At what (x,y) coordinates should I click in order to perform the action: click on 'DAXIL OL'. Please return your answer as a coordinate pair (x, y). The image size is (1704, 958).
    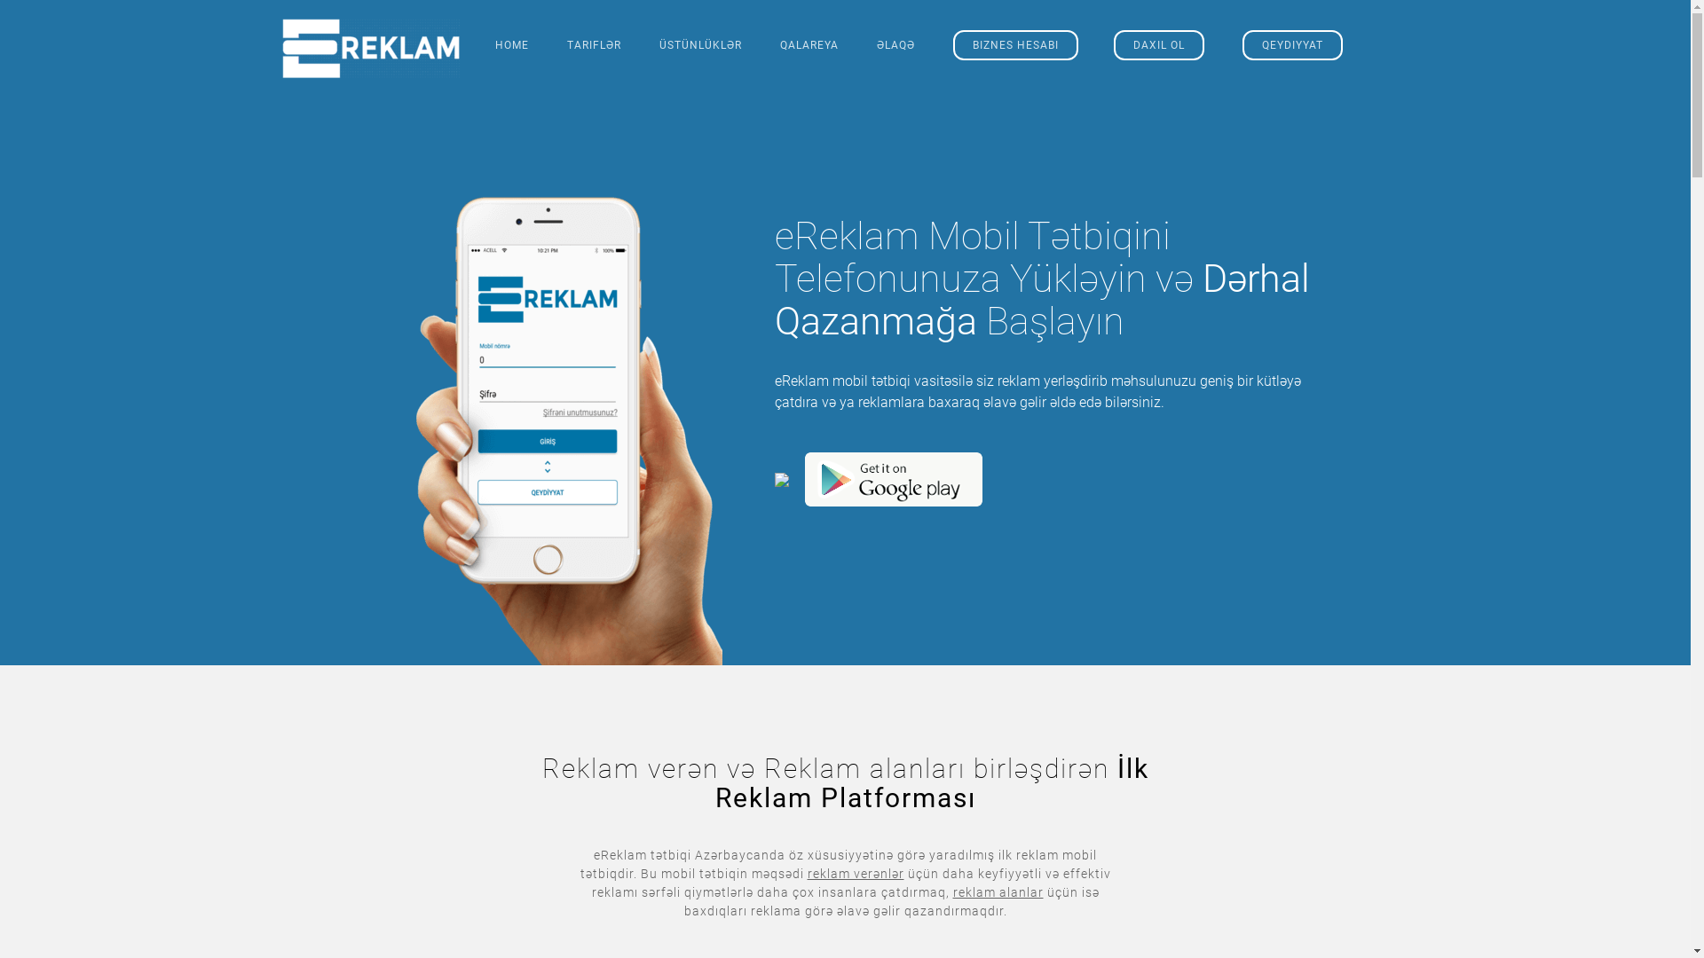
    Looking at the image, I should click on (1158, 43).